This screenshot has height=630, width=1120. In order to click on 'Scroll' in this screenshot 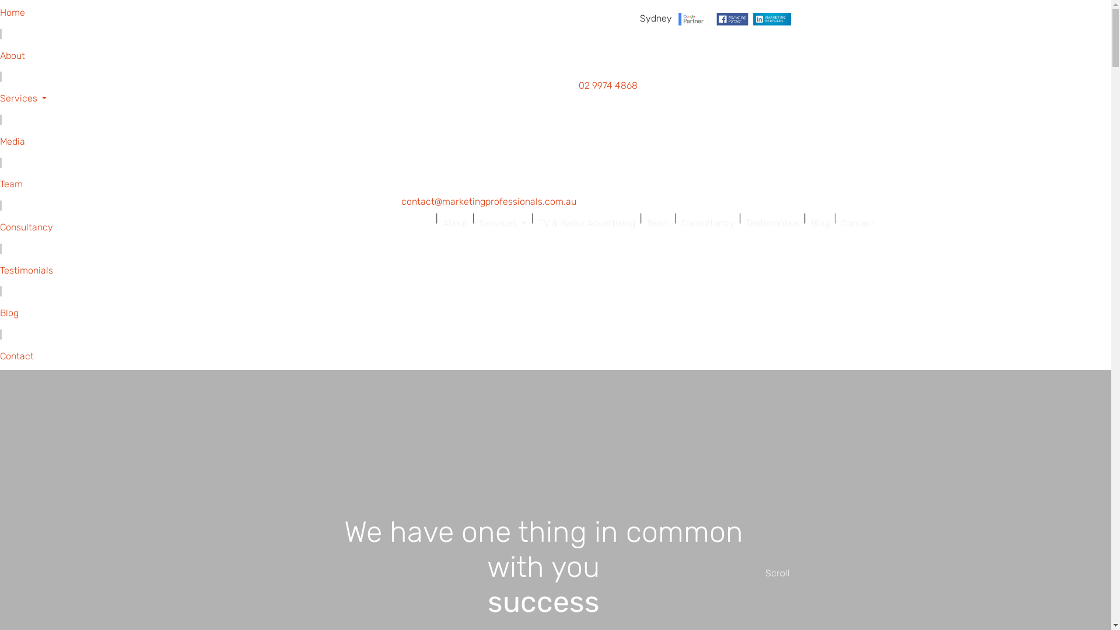, I will do `click(778, 573)`.